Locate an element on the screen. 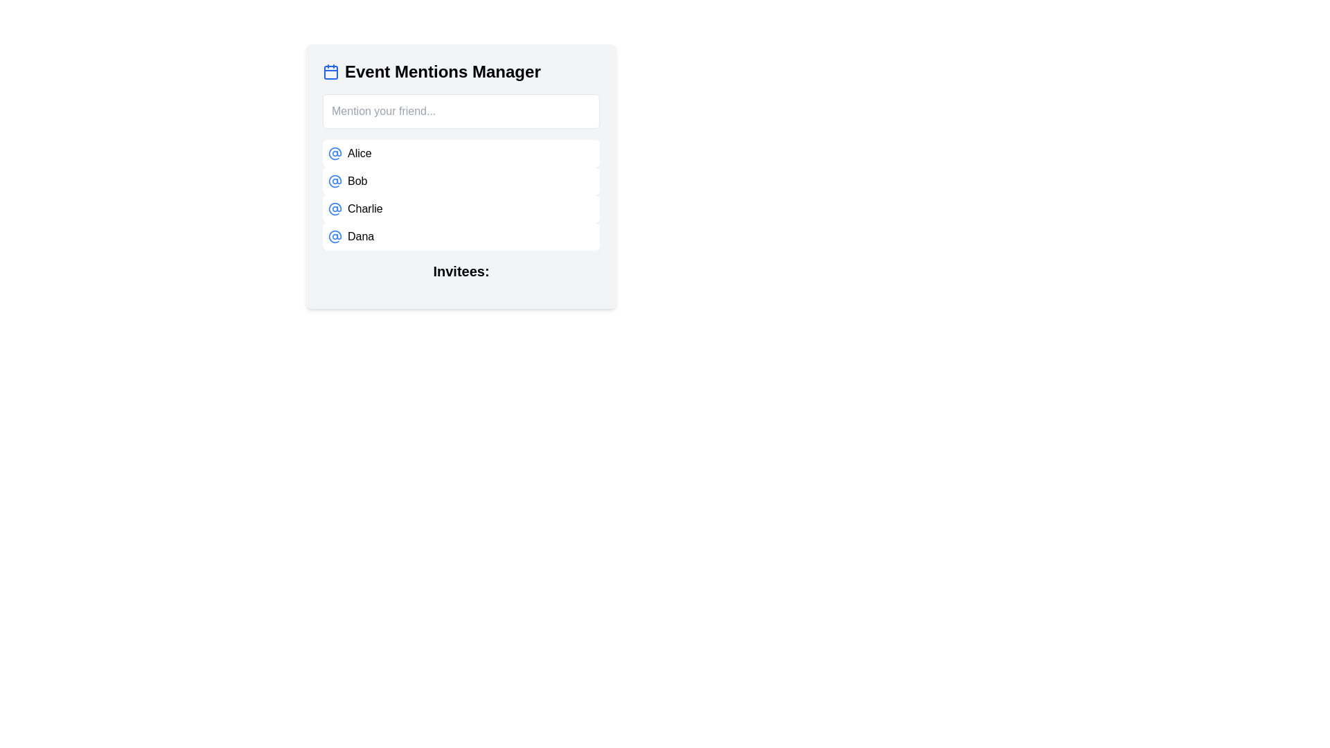 This screenshot has height=748, width=1330. the text label displaying 'Charlie', which is the third item in the list of names is located at coordinates (365, 208).